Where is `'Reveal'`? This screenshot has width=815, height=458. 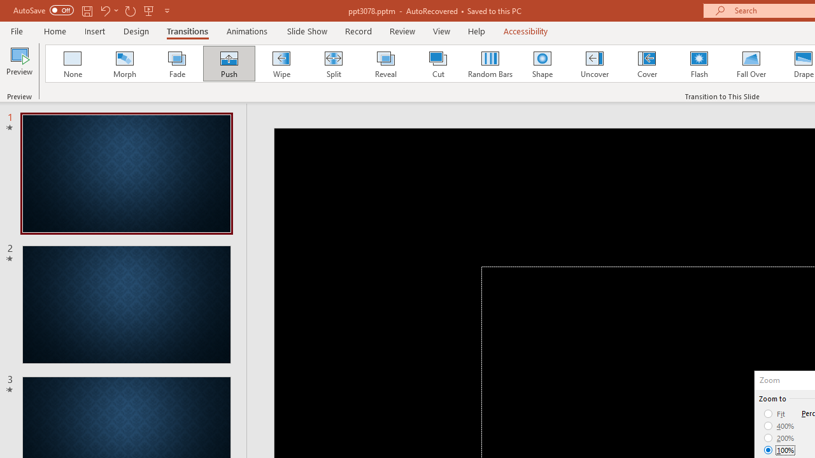
'Reveal' is located at coordinates (385, 64).